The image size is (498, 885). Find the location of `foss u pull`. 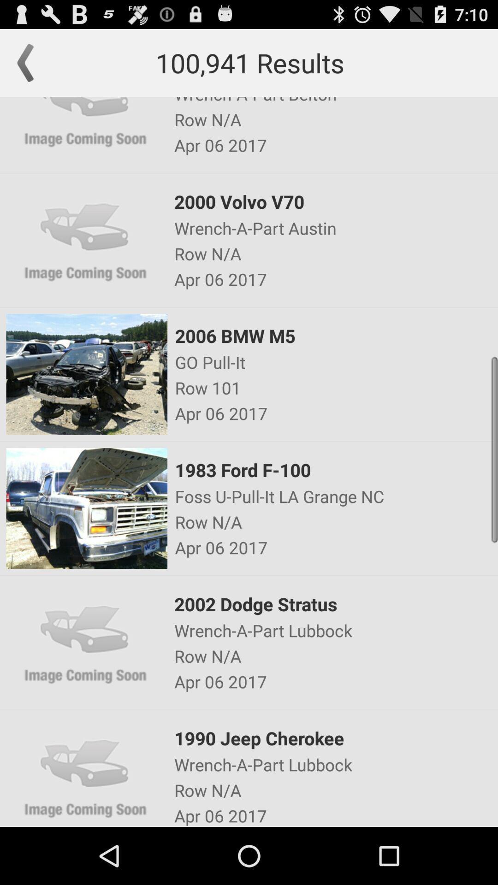

foss u pull is located at coordinates (336, 496).